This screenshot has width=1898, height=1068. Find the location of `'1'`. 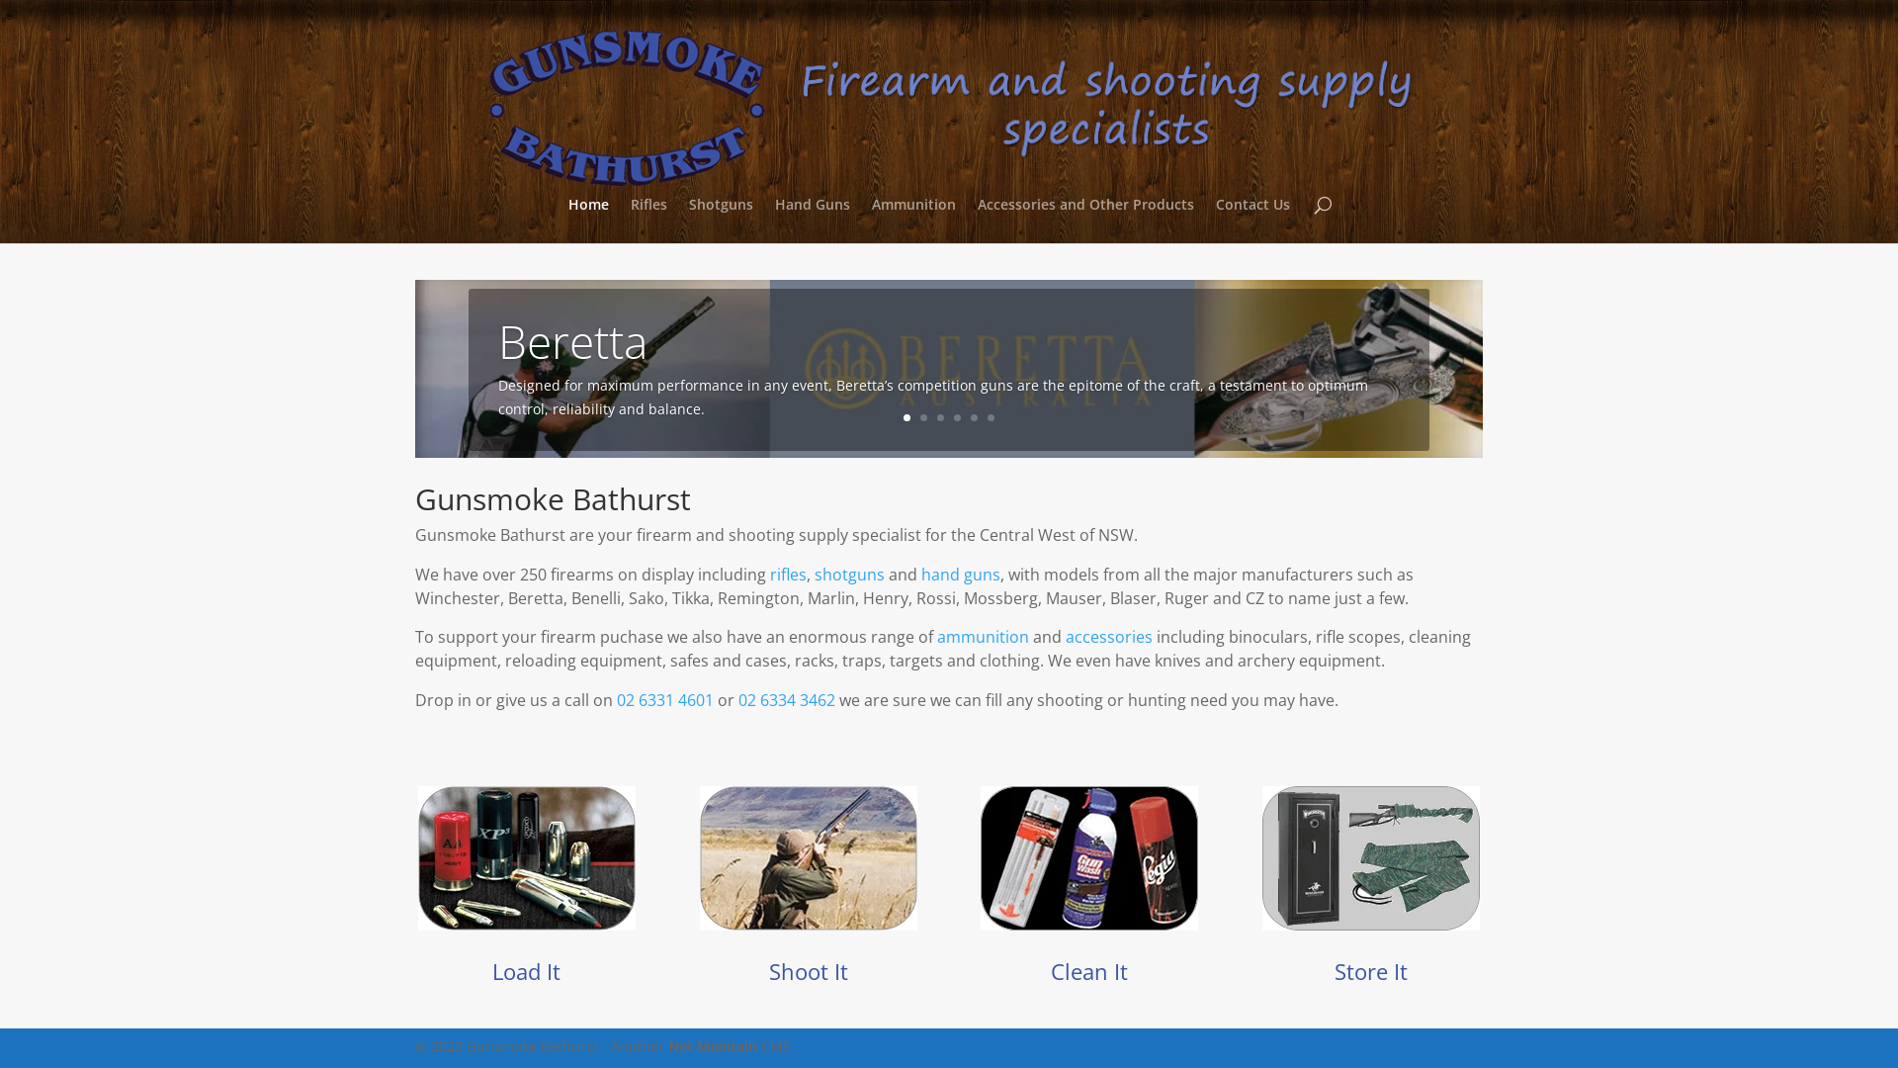

'1' is located at coordinates (906, 416).